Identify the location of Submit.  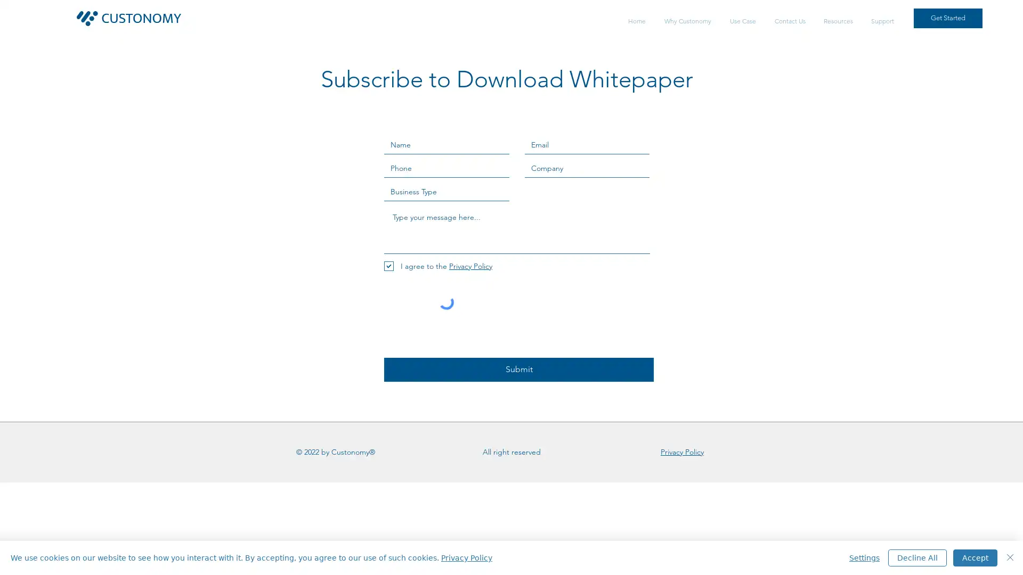
(519, 369).